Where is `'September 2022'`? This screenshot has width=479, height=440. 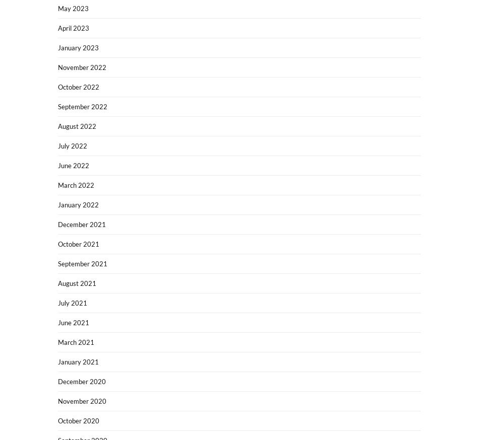 'September 2022' is located at coordinates (58, 106).